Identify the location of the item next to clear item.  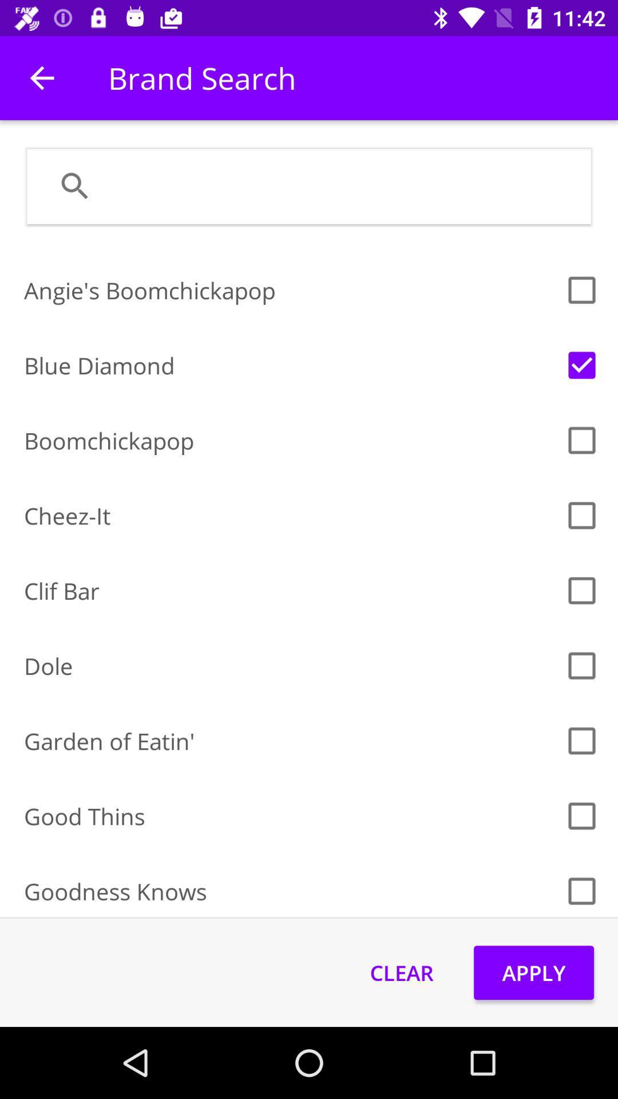
(534, 972).